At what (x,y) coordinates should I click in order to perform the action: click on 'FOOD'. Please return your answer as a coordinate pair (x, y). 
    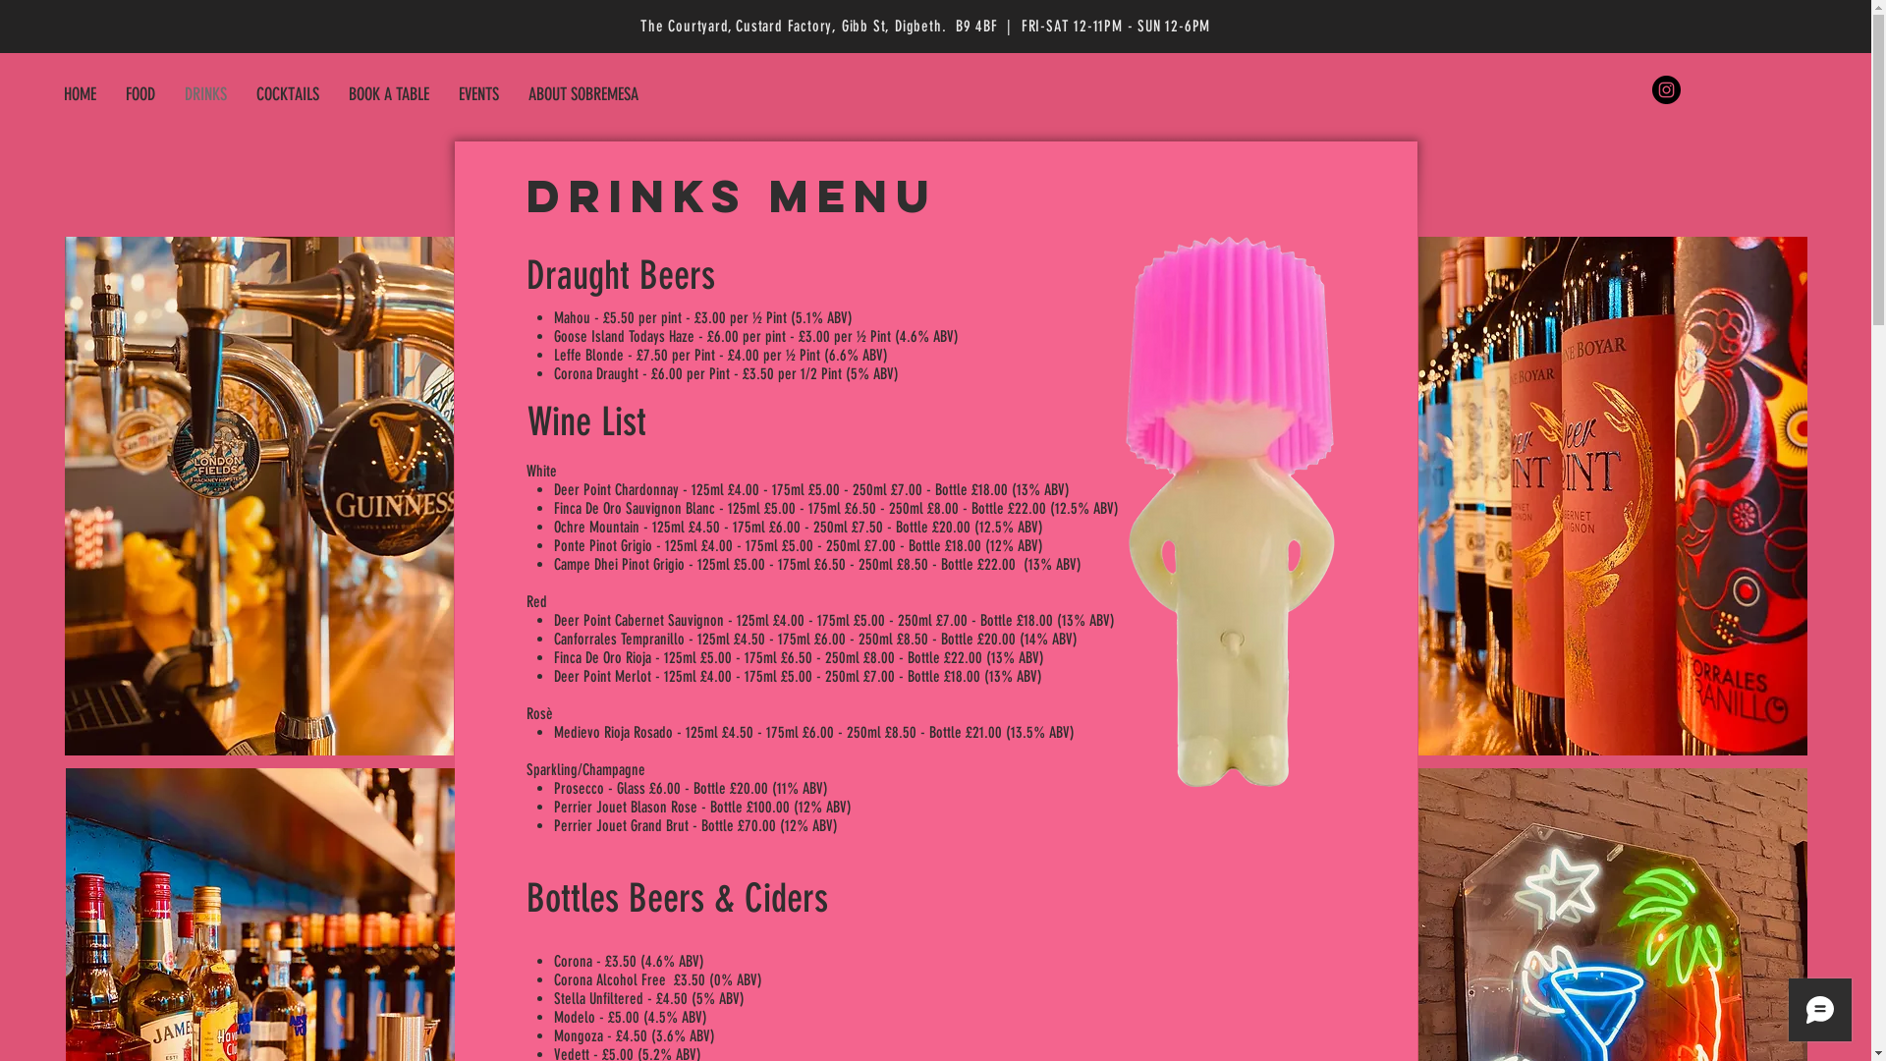
    Looking at the image, I should click on (139, 94).